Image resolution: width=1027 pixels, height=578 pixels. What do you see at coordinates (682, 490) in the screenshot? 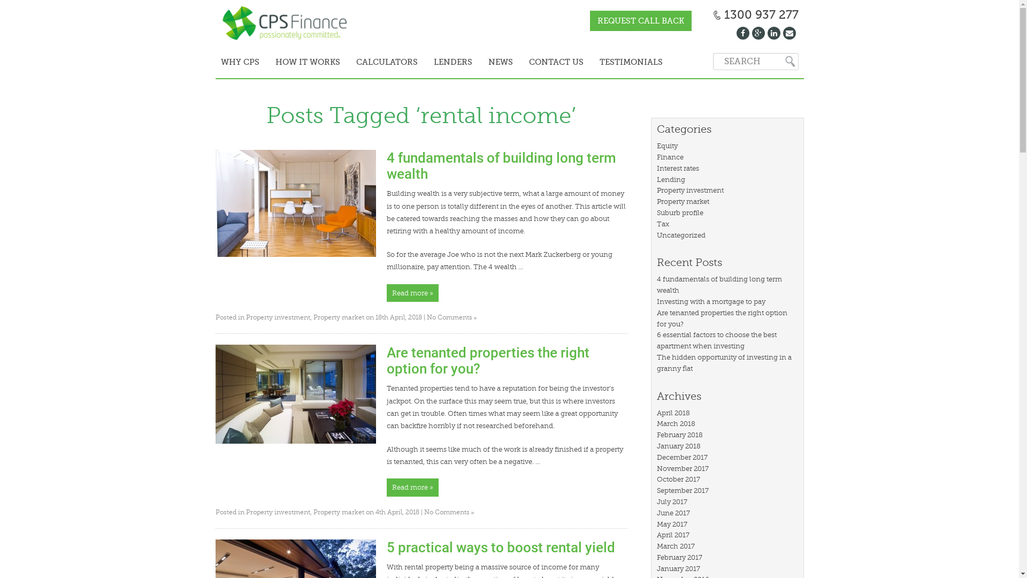
I see `'September 2017'` at bounding box center [682, 490].